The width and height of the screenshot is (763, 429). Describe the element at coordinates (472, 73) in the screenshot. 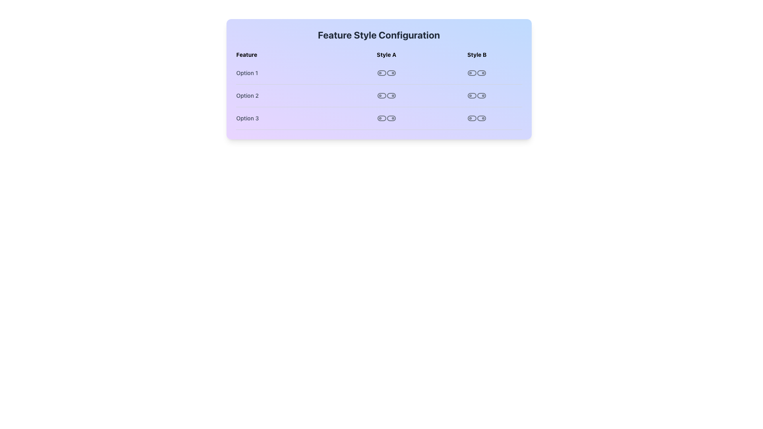

I see `the toggle switch styled as a horizontal pill shape located in the first row under the 'Style B' column of the 'Feature Style Configuration' table to change its state` at that location.